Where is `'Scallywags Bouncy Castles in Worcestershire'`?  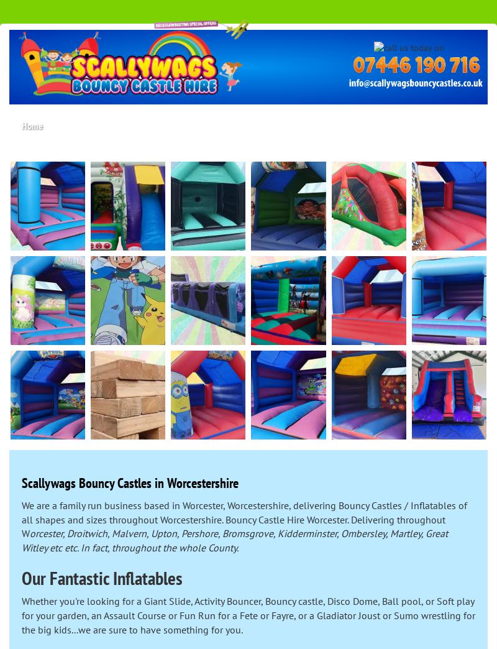 'Scallywags Bouncy Castles in Worcestershire' is located at coordinates (130, 483).